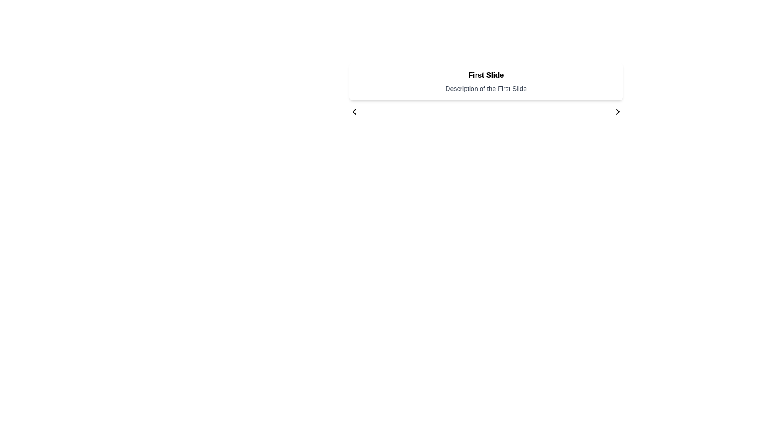 The height and width of the screenshot is (439, 781). I want to click on Text display element located directly beneath the 'First Slide' element, which serves as a descriptive label providing additional information or context, so click(486, 89).